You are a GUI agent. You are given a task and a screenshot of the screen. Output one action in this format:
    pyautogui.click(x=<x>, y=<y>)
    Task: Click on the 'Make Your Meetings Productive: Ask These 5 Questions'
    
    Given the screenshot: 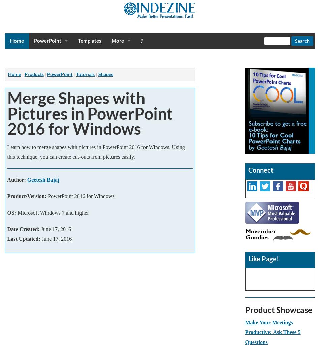 What is the action you would take?
    pyautogui.click(x=245, y=332)
    